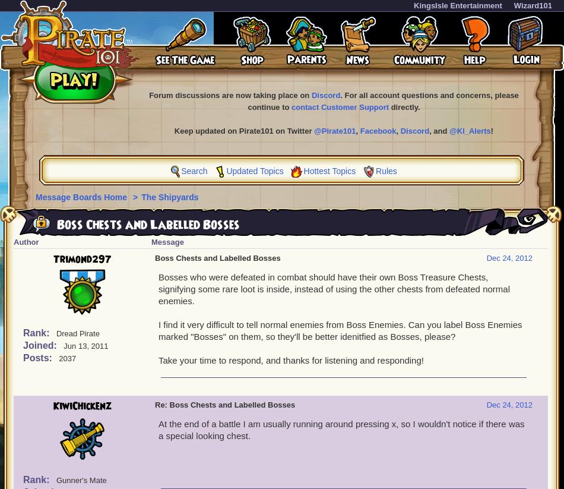  I want to click on '@Pirate101', so click(335, 131).